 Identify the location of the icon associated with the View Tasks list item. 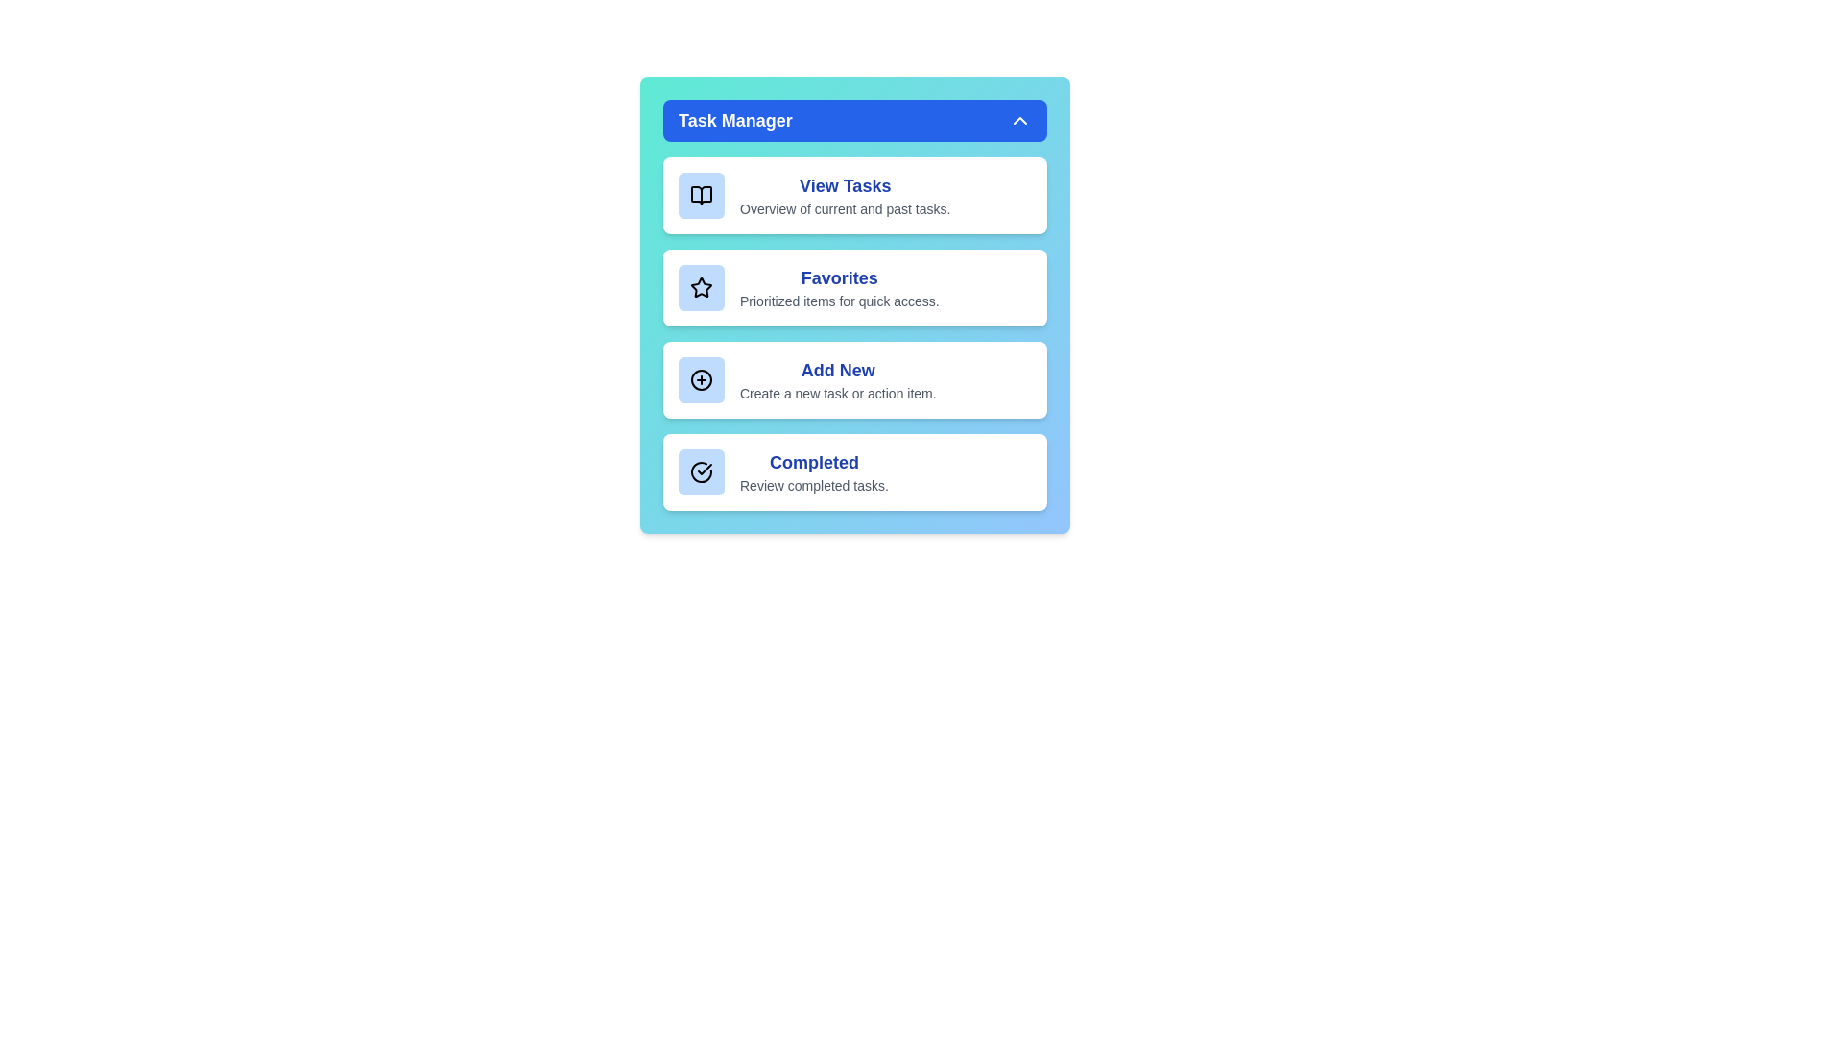
(700, 196).